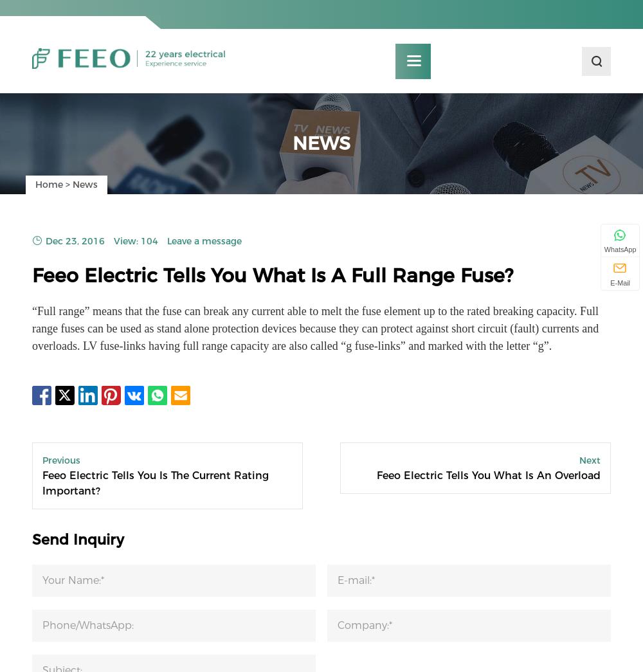  I want to click on 'Dec 23, 2016', so click(45, 246).